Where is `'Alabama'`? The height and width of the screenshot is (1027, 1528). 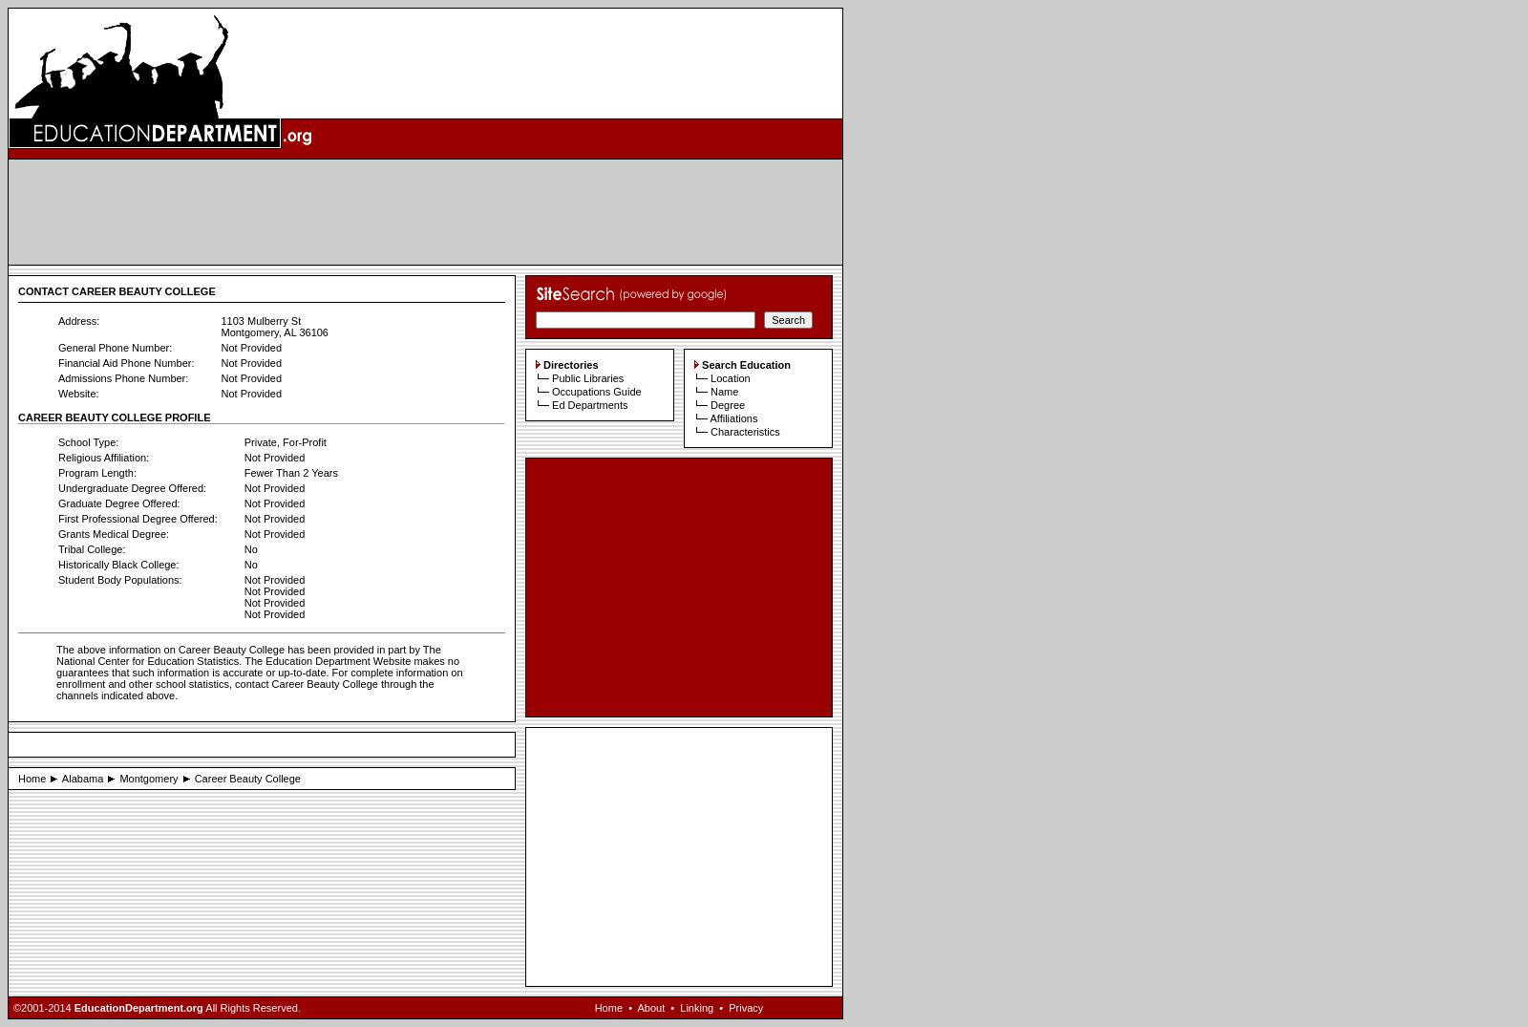 'Alabama' is located at coordinates (60, 777).